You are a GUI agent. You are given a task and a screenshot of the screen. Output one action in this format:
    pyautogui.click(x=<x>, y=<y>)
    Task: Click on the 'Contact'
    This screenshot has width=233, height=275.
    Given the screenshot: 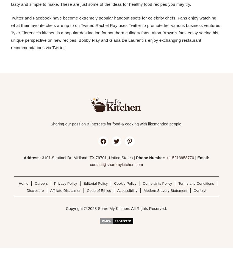 What is the action you would take?
    pyautogui.click(x=200, y=190)
    